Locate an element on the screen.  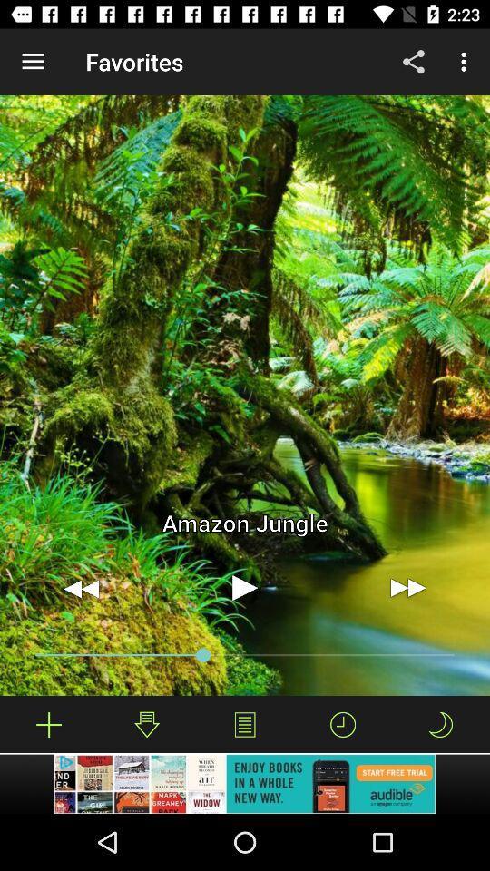
forward button is located at coordinates (407, 587).